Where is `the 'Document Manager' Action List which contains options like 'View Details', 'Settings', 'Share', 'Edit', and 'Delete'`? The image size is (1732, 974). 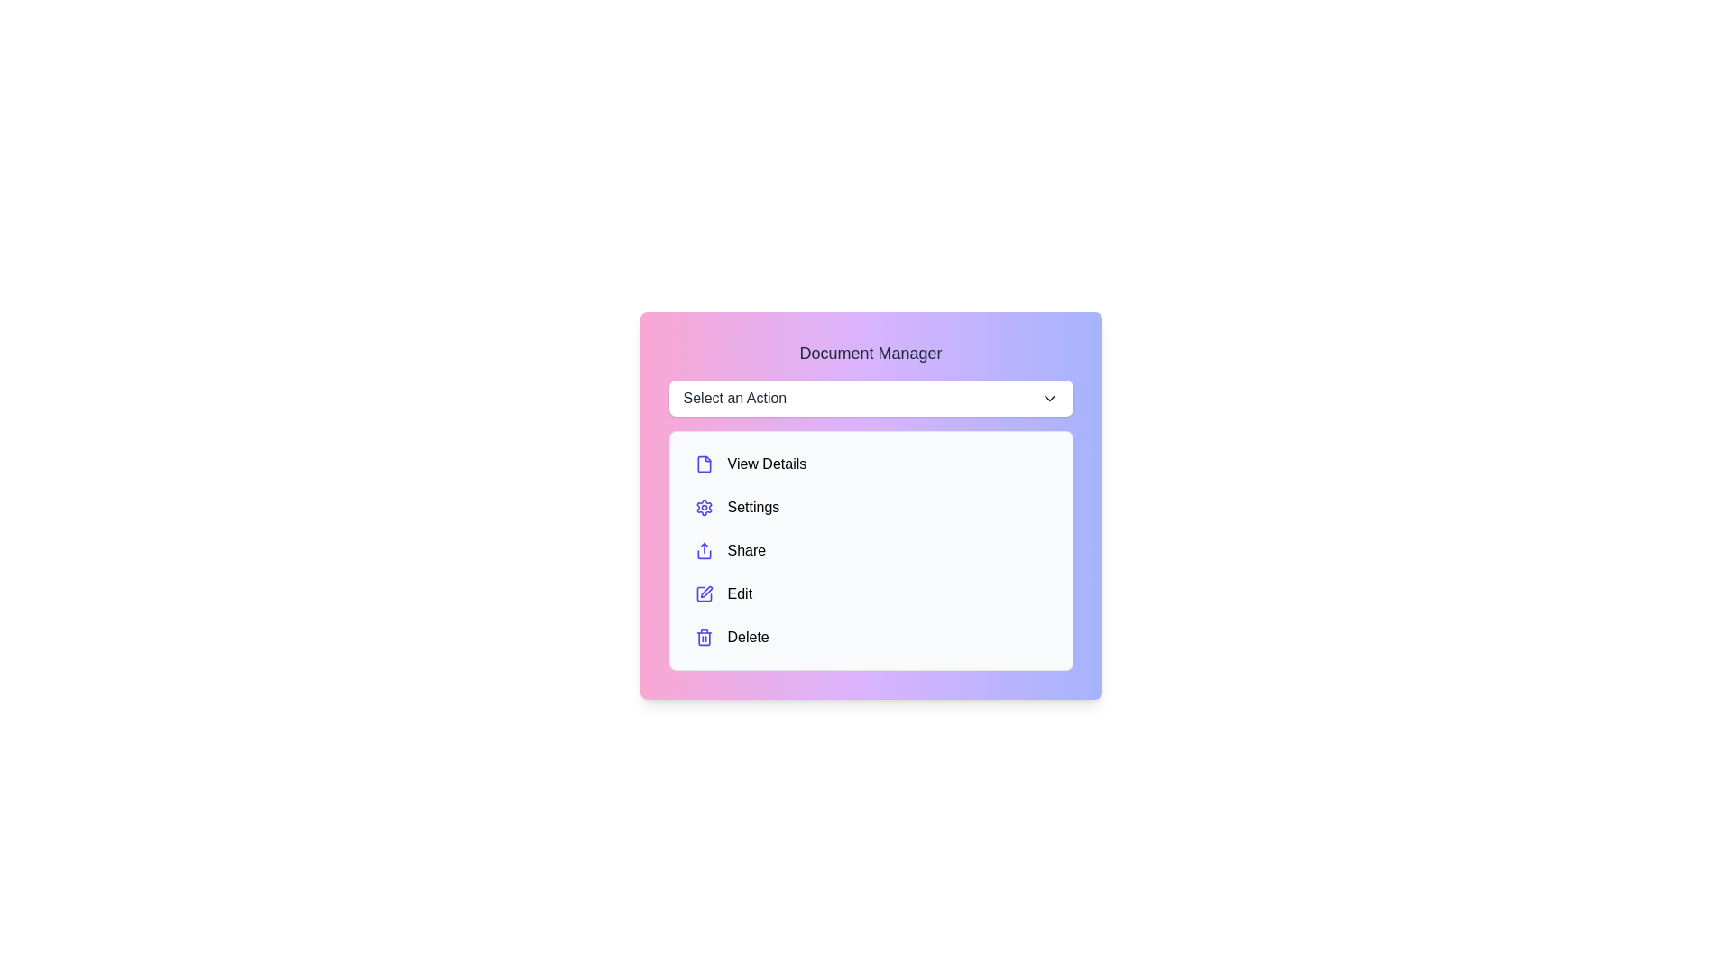
the 'Document Manager' Action List which contains options like 'View Details', 'Settings', 'Share', 'Edit', and 'Delete' is located at coordinates (871, 549).